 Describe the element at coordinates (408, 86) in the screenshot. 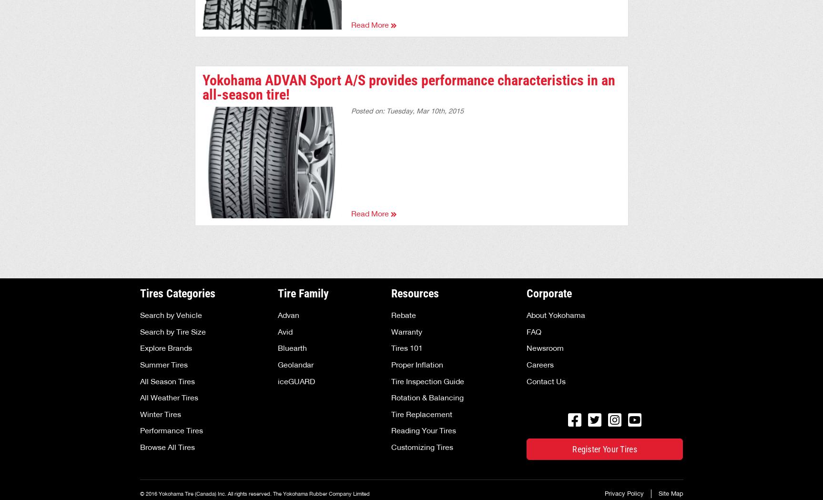

I see `'Yokohama ADVAN Sport A/S provides performance characteristics in an all-season tire!'` at that location.